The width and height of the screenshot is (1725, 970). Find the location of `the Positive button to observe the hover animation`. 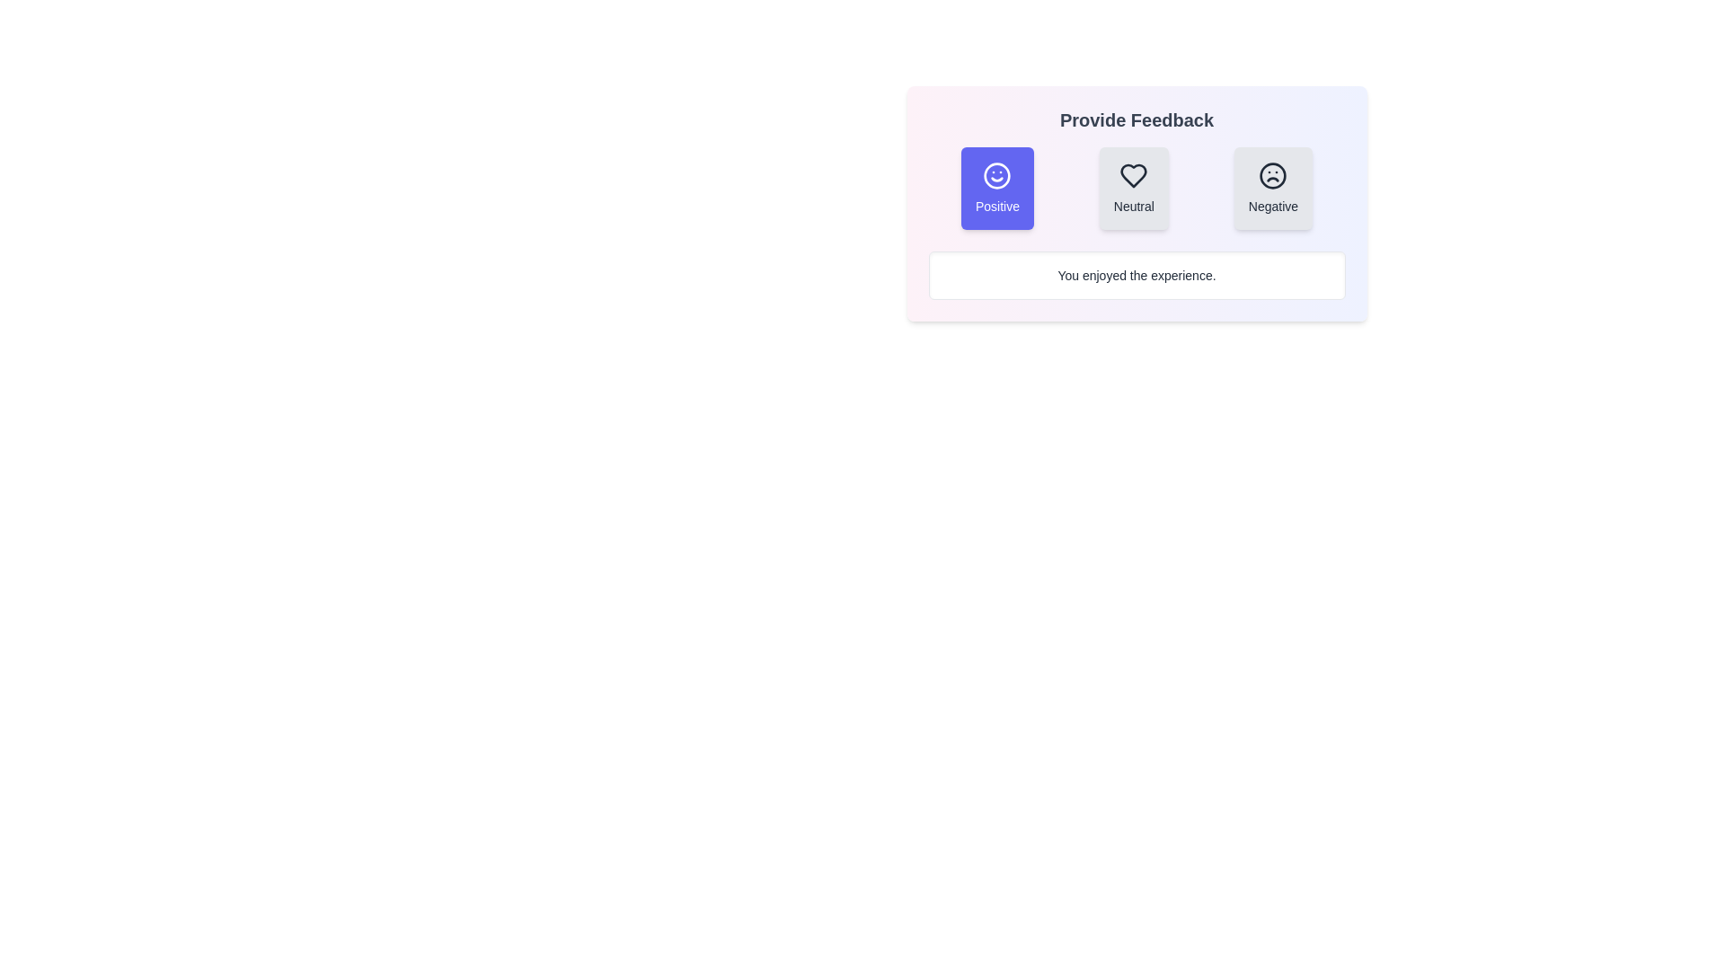

the Positive button to observe the hover animation is located at coordinates (996, 188).